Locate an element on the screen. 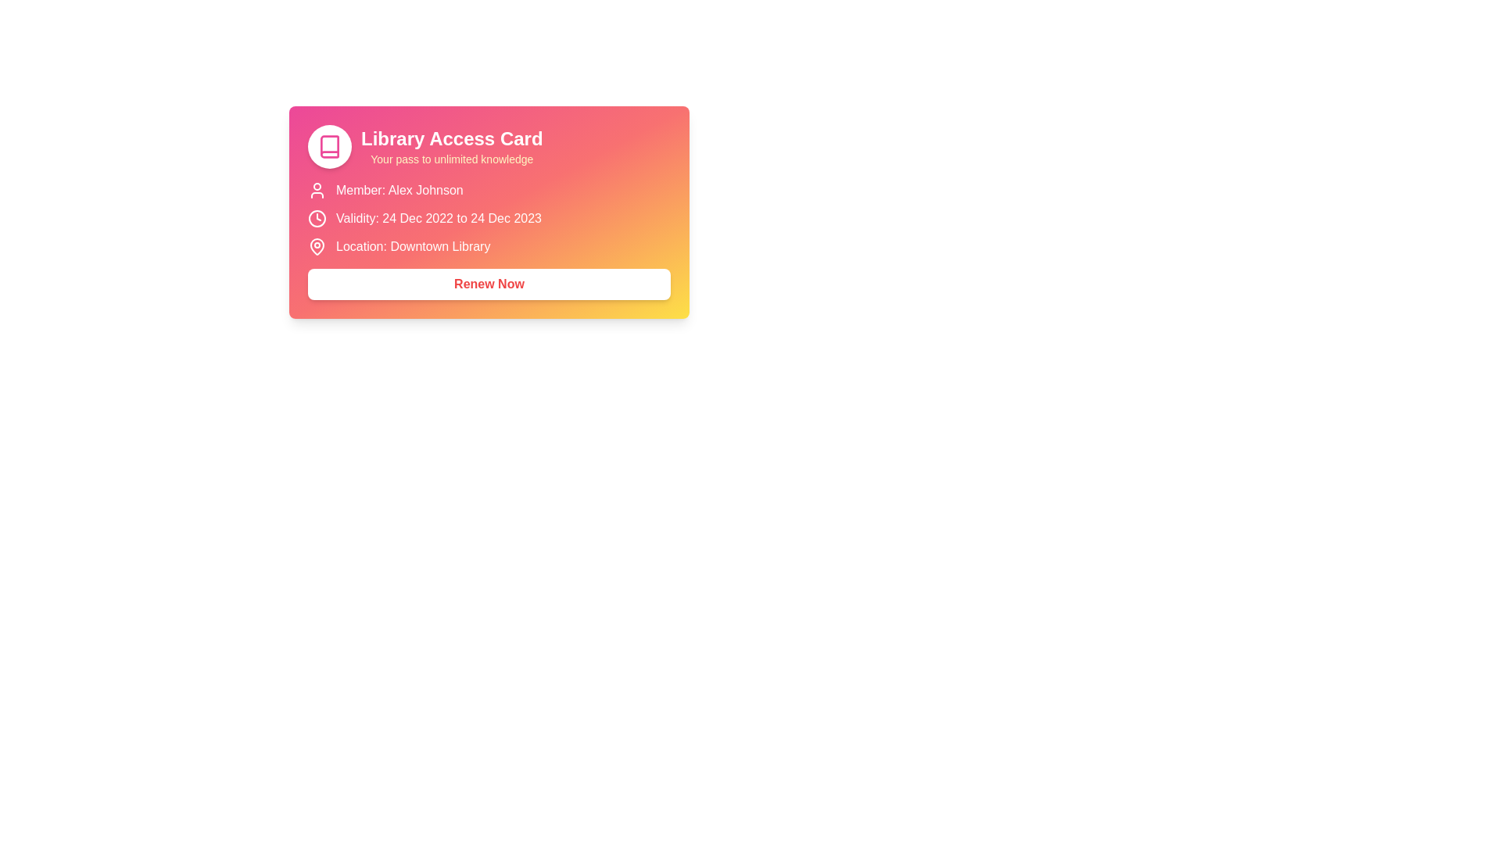  the decorative location marker icon located at the bottom of the informational card aligned with the 'Location: Downtown Library' label is located at coordinates (317, 246).